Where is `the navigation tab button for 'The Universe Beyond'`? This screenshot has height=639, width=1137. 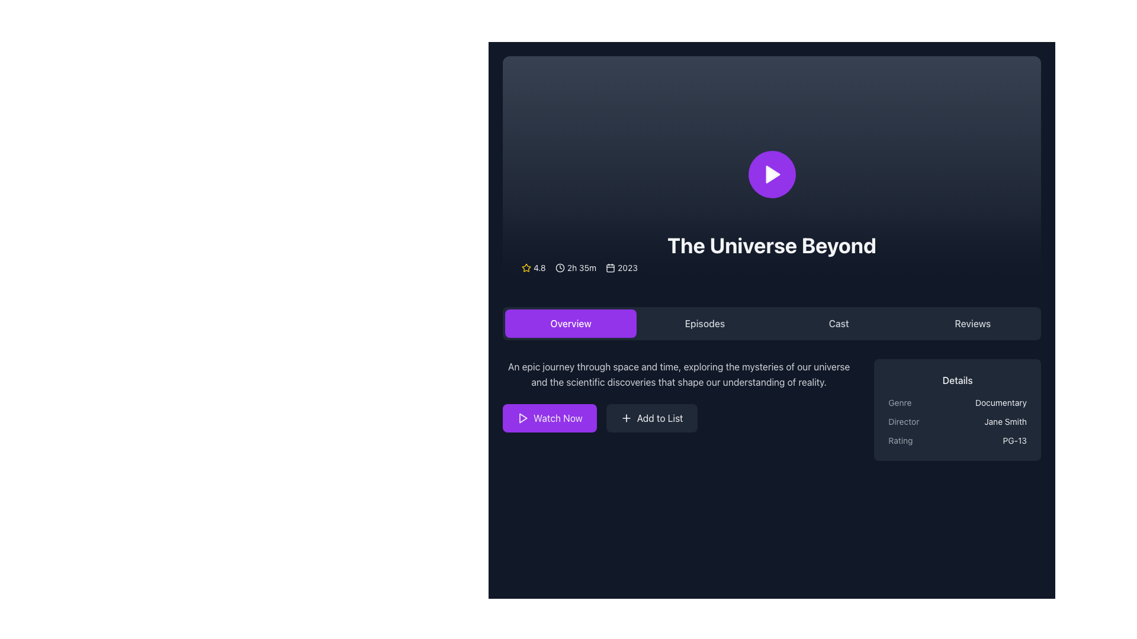 the navigation tab button for 'The Universe Beyond' is located at coordinates (571, 324).